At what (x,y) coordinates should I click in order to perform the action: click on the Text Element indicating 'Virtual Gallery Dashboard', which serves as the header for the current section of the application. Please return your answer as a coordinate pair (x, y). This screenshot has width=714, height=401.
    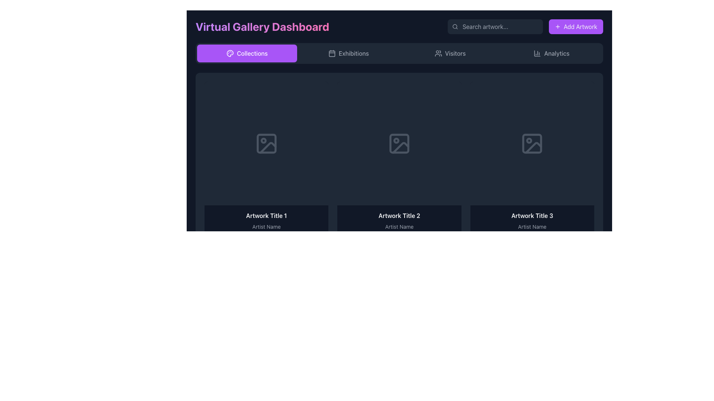
    Looking at the image, I should click on (262, 26).